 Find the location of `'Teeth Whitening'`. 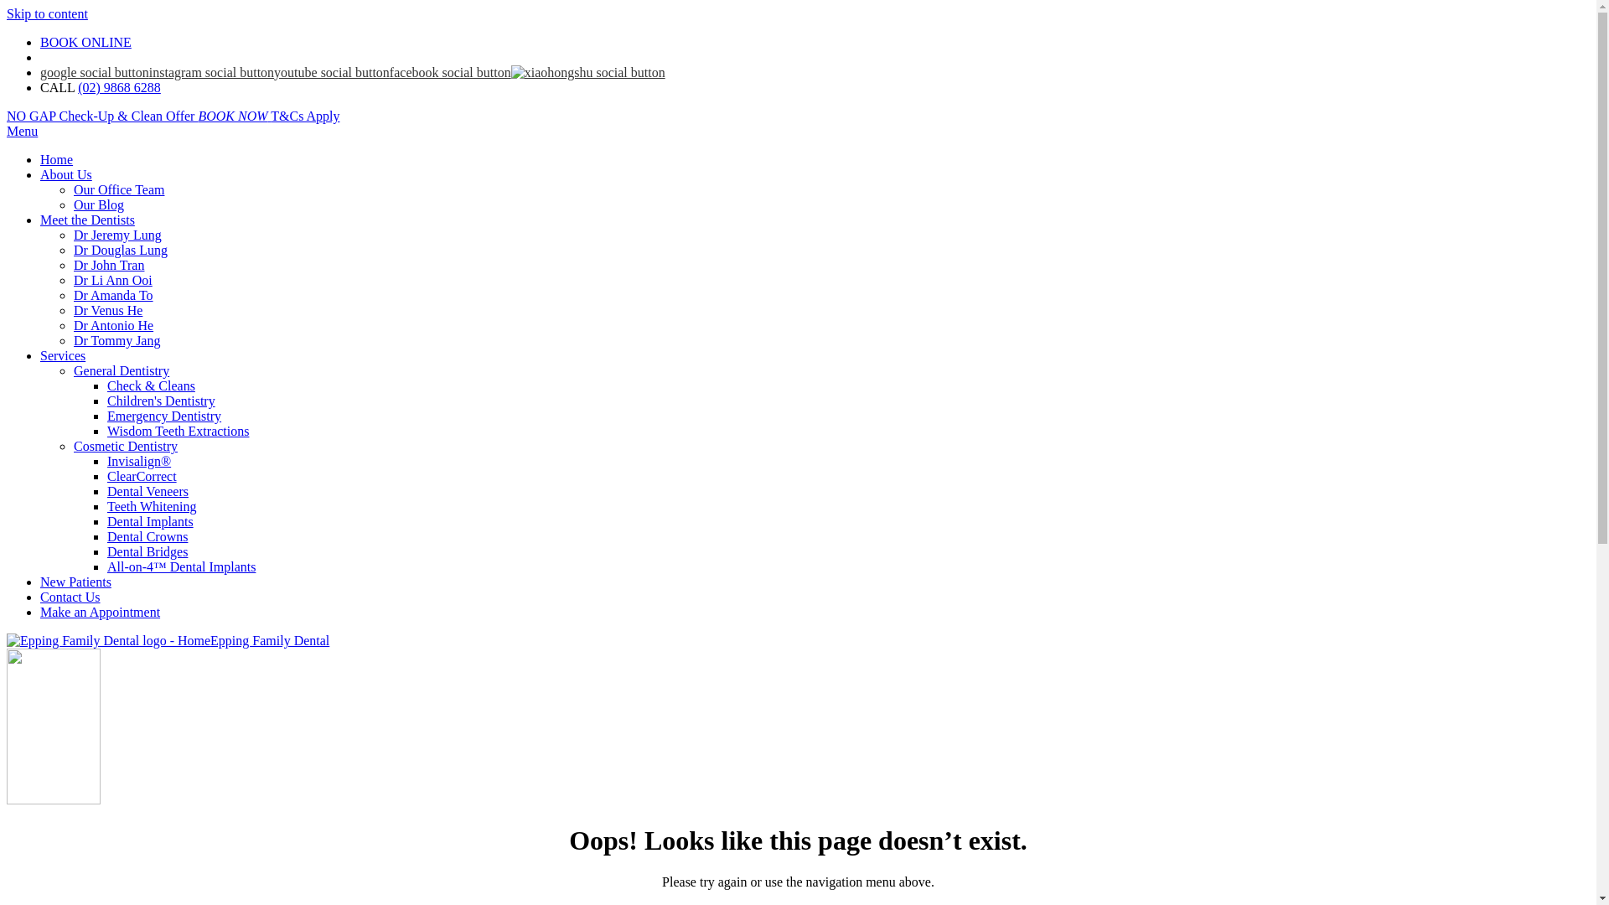

'Teeth Whitening' is located at coordinates (152, 505).